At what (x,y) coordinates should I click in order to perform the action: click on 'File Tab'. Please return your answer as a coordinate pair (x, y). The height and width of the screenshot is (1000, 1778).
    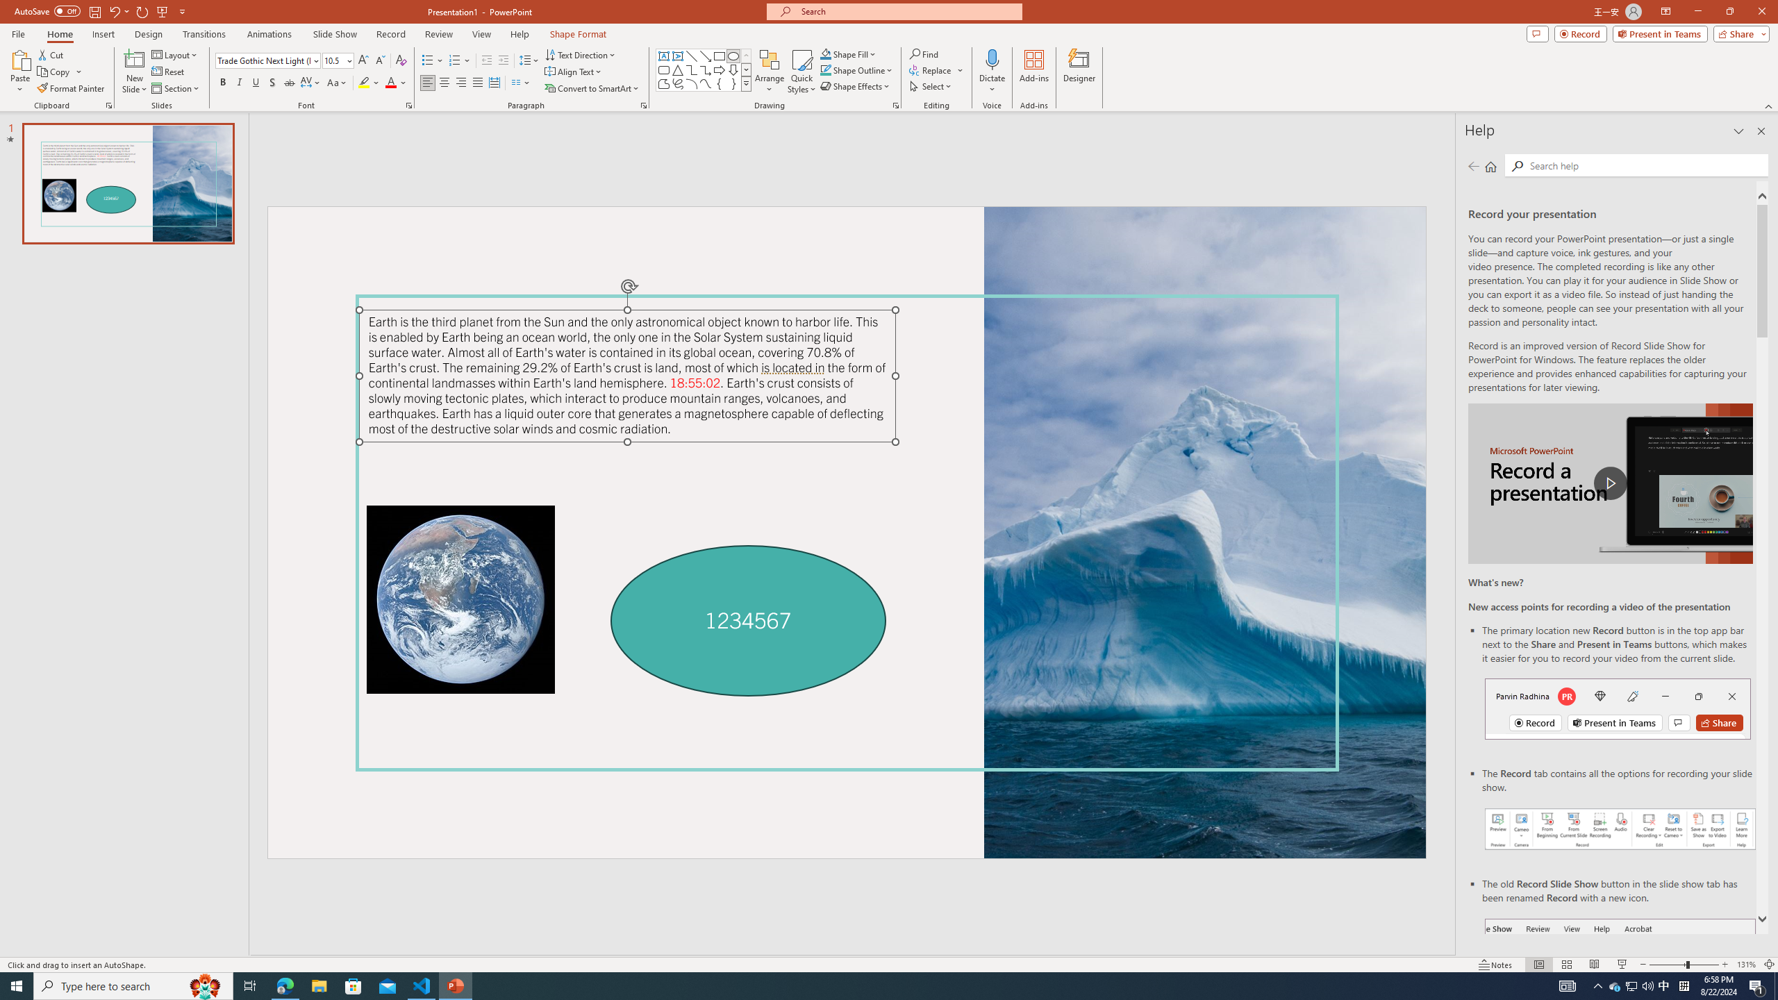
    Looking at the image, I should click on (17, 33).